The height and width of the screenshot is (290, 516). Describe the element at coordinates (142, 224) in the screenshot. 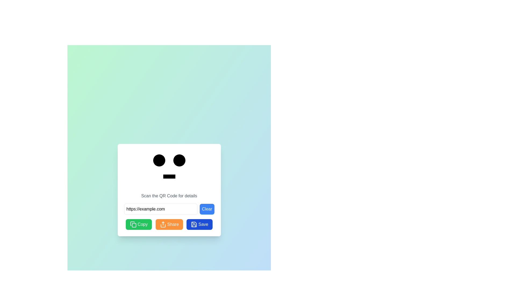

I see `the 'Copy' button located at the bottom of the card-like component` at that location.